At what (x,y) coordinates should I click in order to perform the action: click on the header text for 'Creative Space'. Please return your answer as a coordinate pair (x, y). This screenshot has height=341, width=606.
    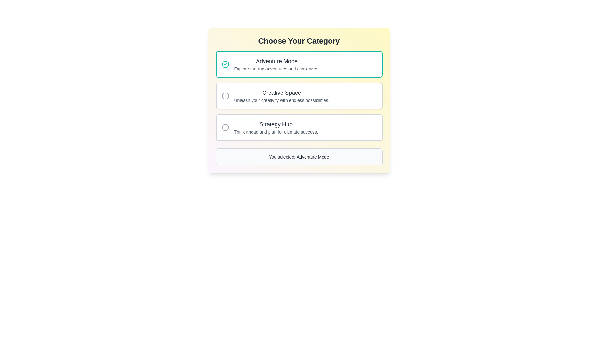
    Looking at the image, I should click on (281, 93).